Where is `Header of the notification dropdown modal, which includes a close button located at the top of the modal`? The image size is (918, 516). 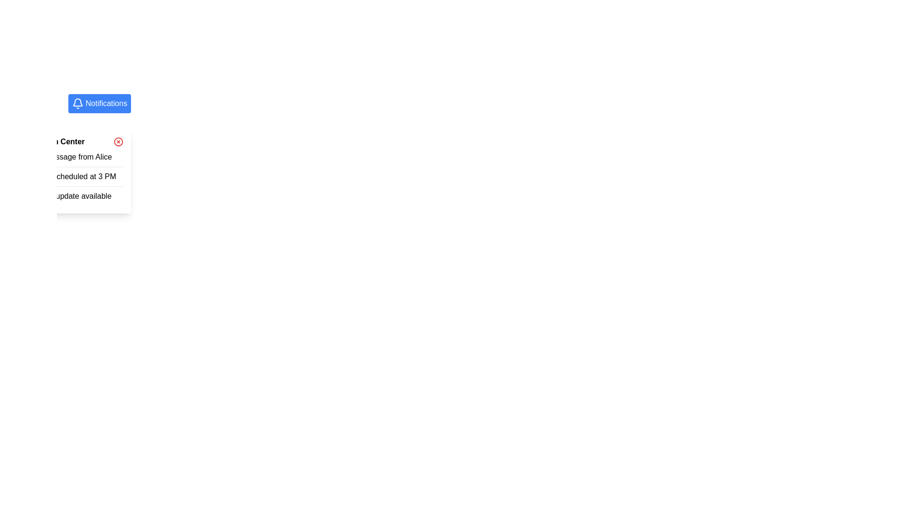 Header of the notification dropdown modal, which includes a close button located at the top of the modal is located at coordinates (69, 142).